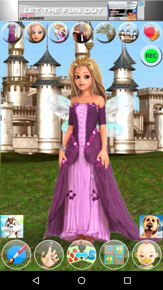 This screenshot has width=163, height=290. Describe the element at coordinates (81, 10) in the screenshot. I see `advertisement page` at that location.